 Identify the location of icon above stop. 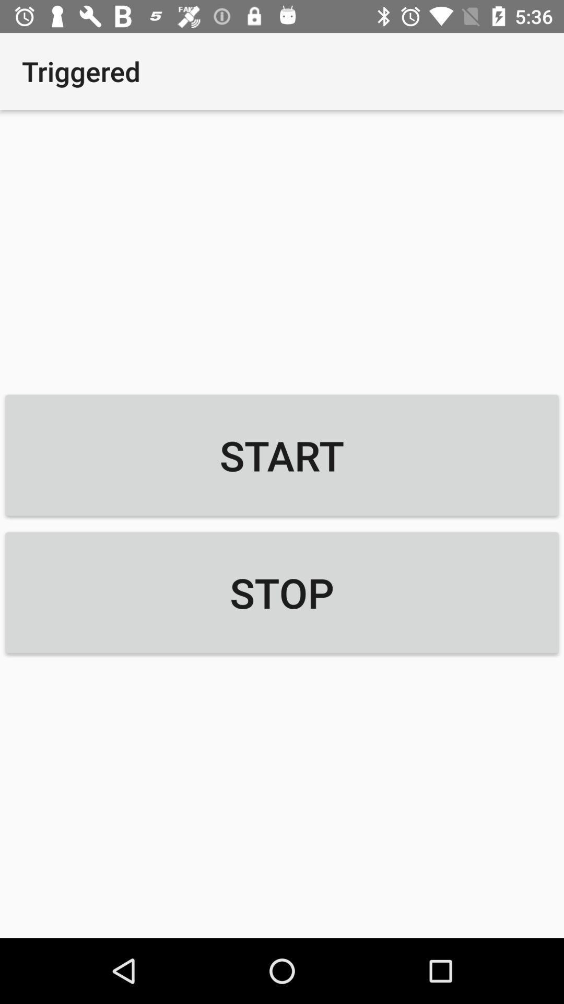
(282, 455).